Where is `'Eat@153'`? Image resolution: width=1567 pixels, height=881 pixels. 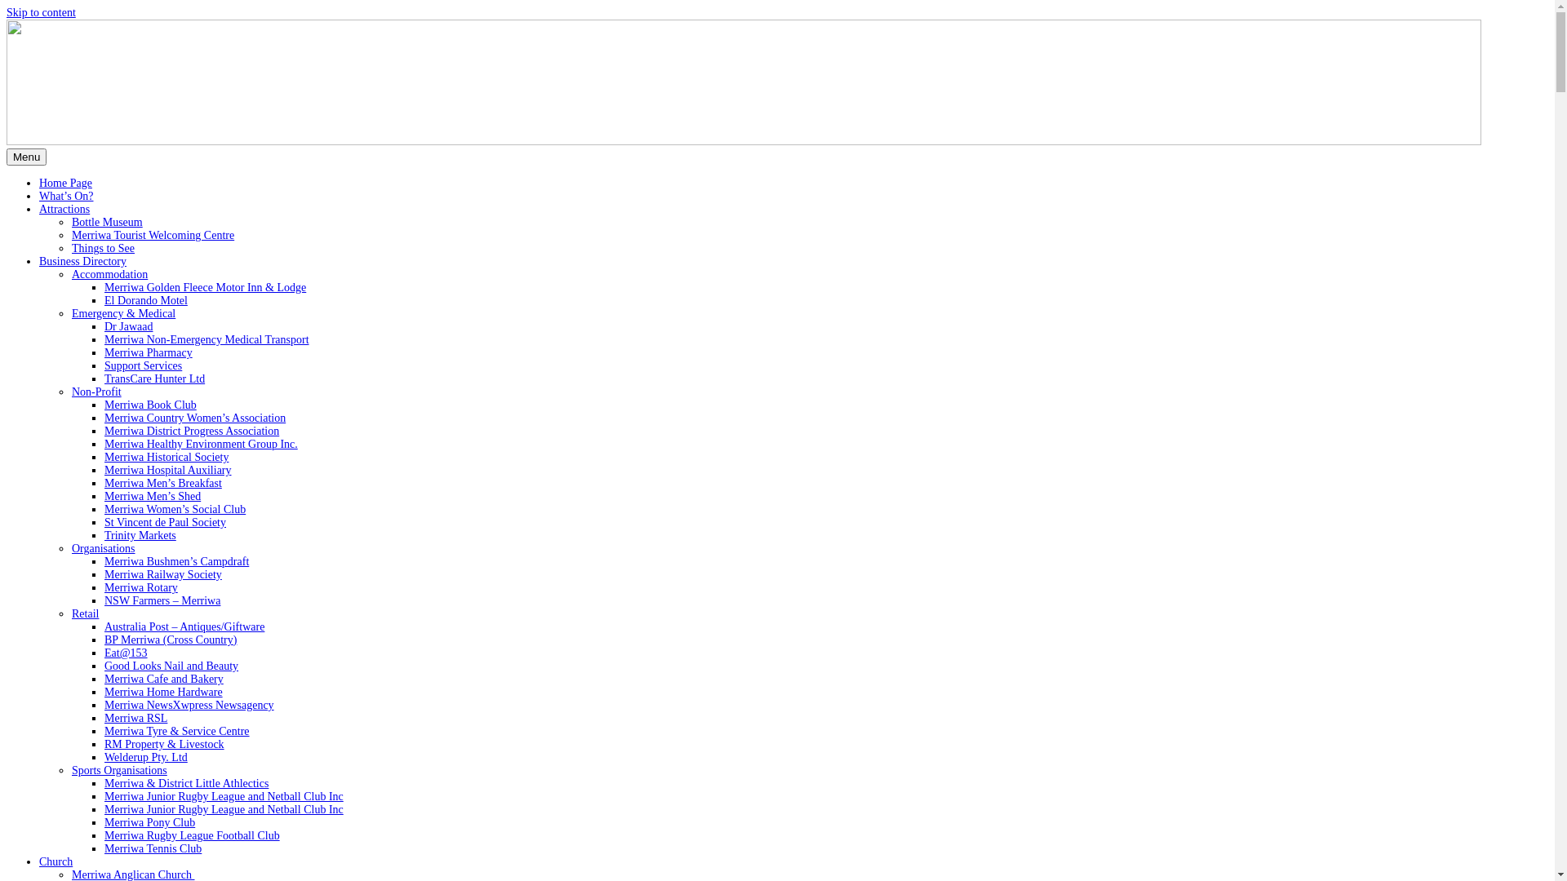
'Eat@153' is located at coordinates (104, 652).